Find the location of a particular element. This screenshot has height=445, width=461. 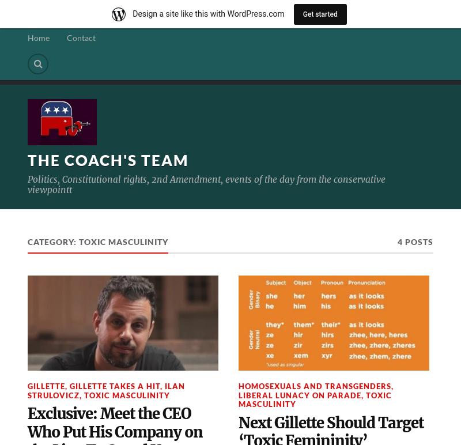

'Gillette takes a hit' is located at coordinates (114, 386).